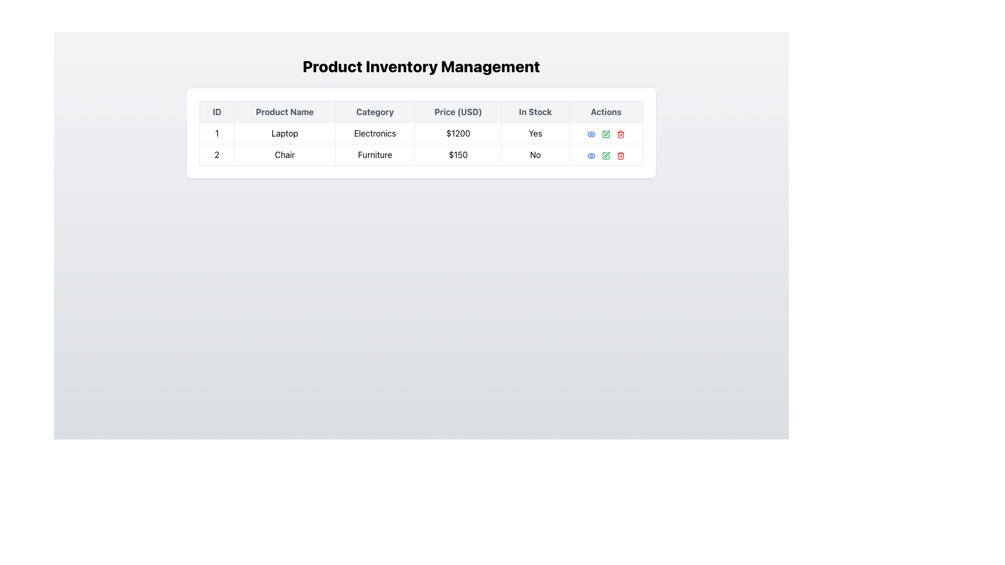 The height and width of the screenshot is (565, 1005). I want to click on the text label styled with a gray font that reads 'Actions', located in the sixth position of the header row of the table, adjacent to the 'In Stock' column, so click(606, 111).